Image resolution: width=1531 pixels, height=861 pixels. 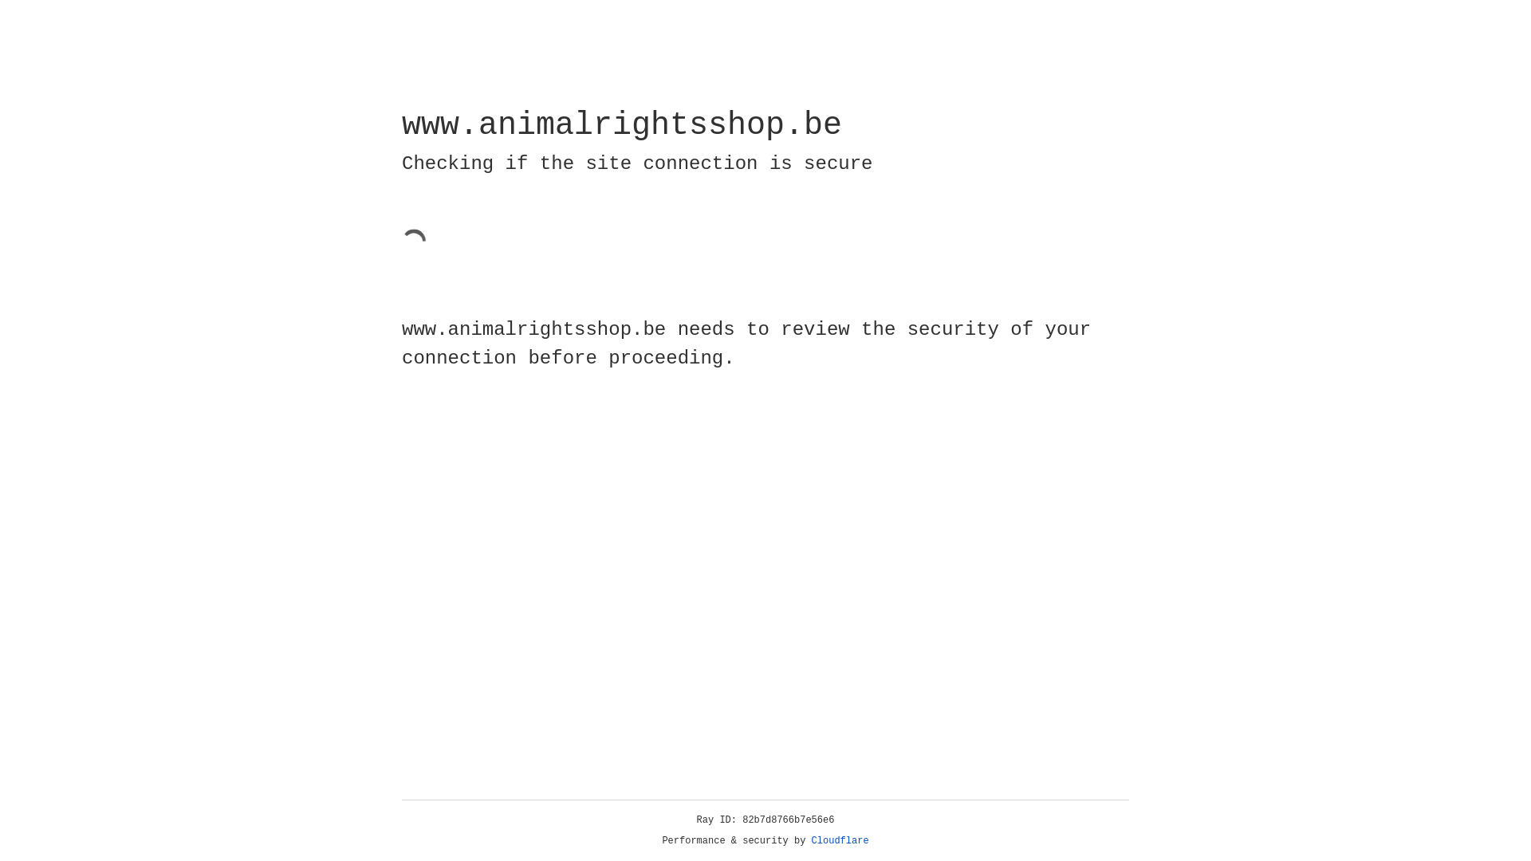 I want to click on 'Cloudflare', so click(x=811, y=840).